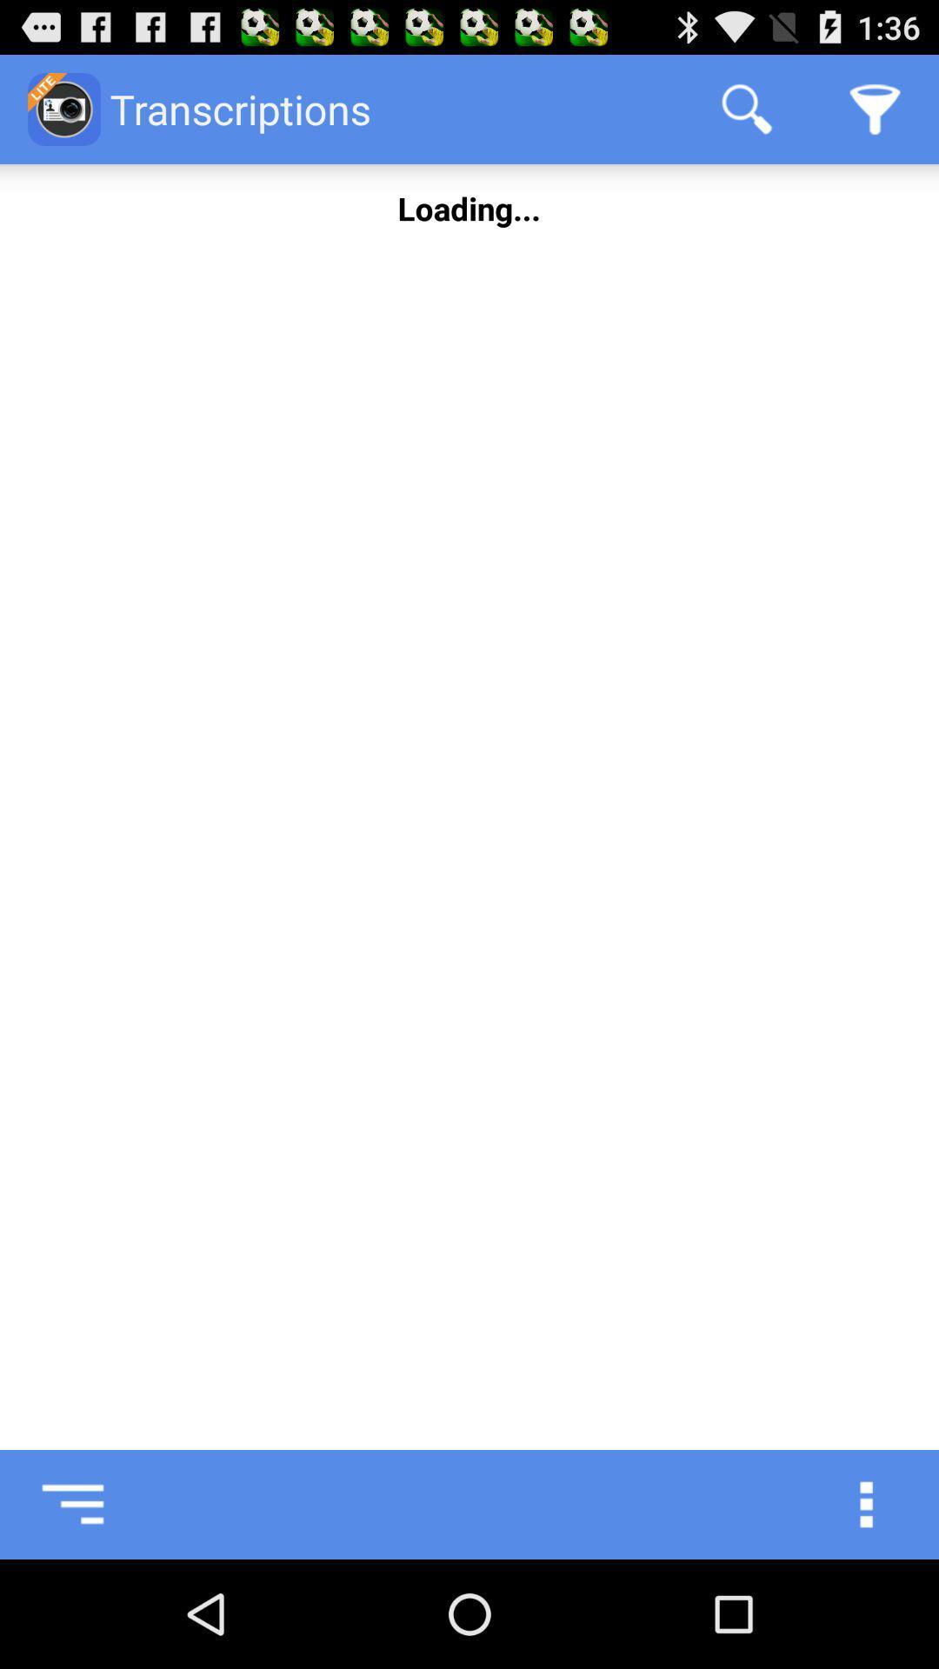 The image size is (939, 1669). I want to click on show more options, so click(884, 1504).